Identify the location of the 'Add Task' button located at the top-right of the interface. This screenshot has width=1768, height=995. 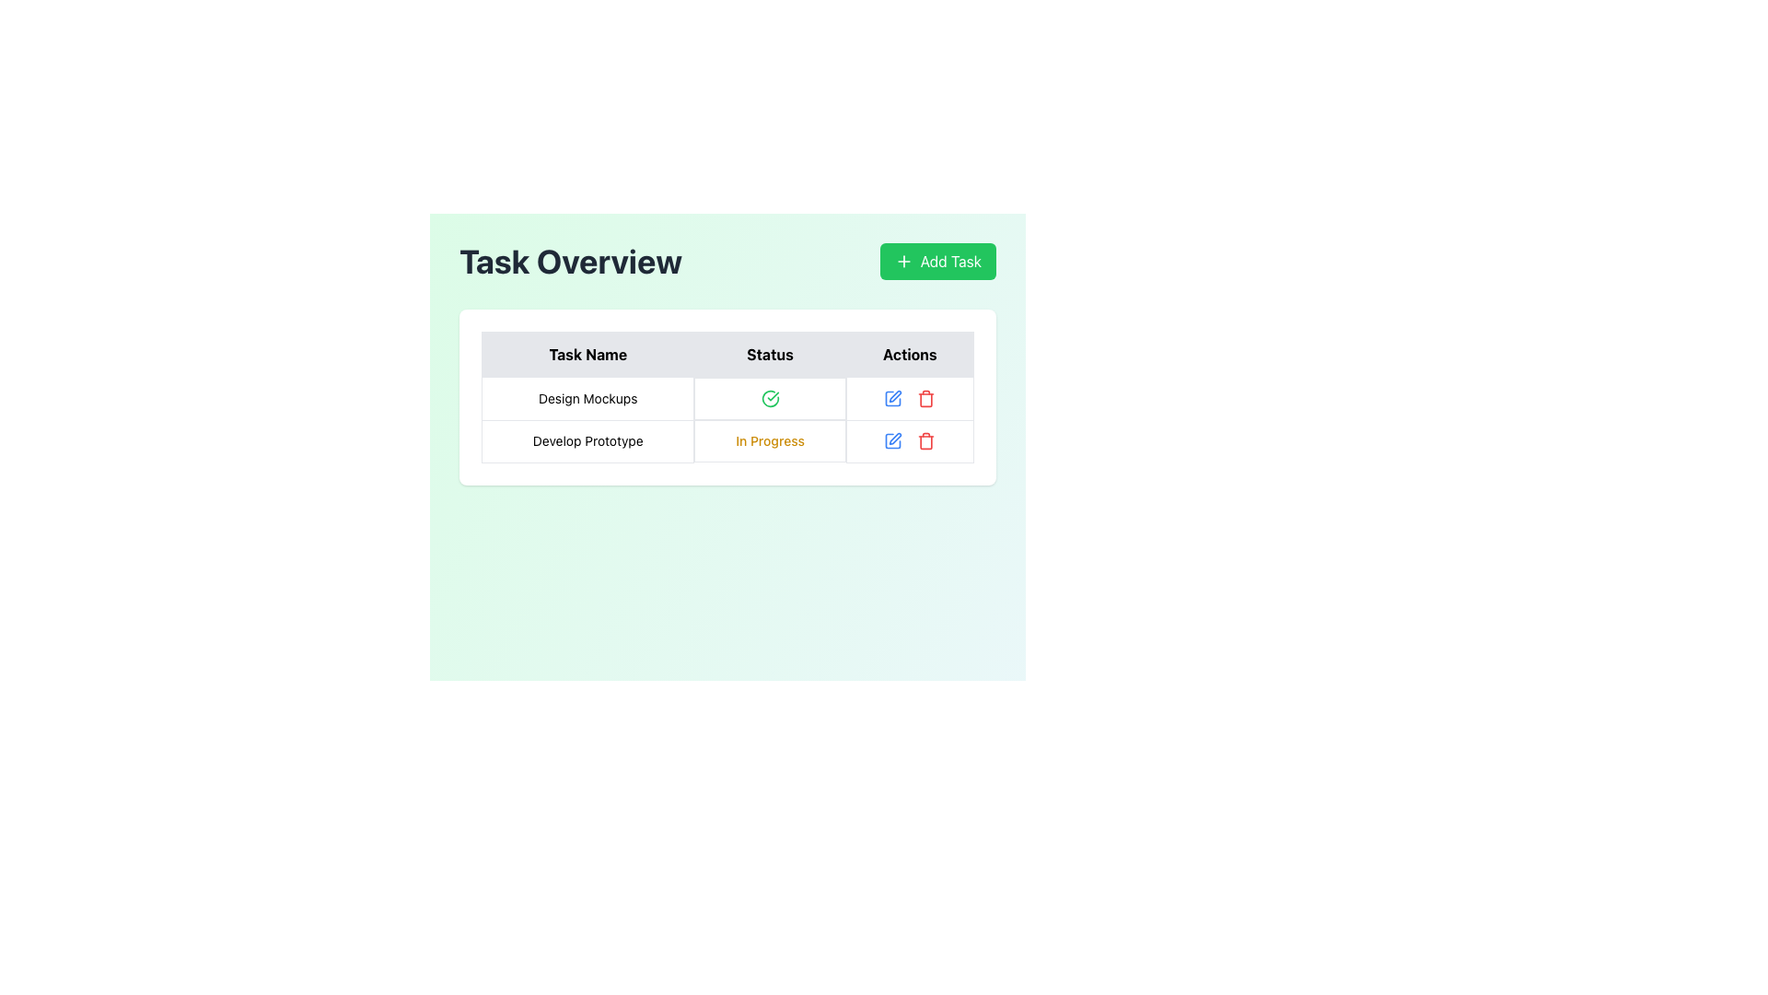
(937, 262).